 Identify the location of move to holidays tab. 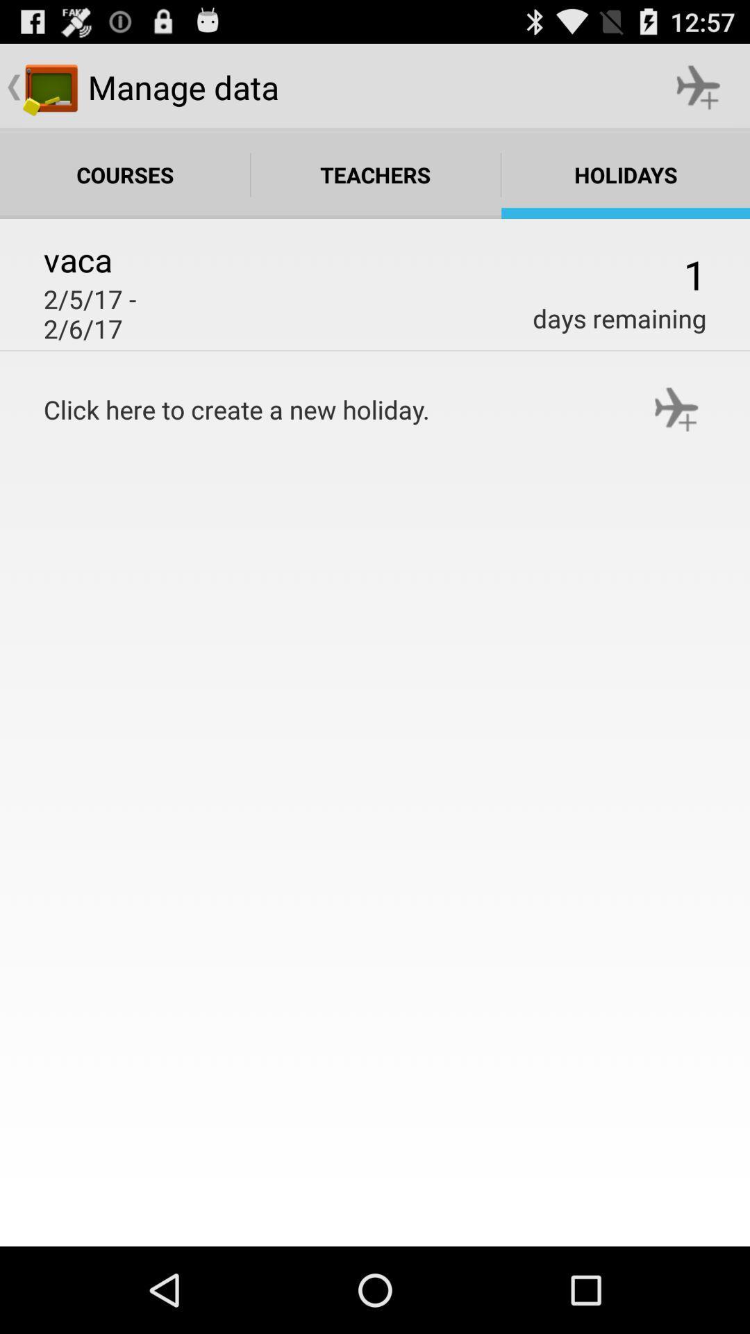
(626, 174).